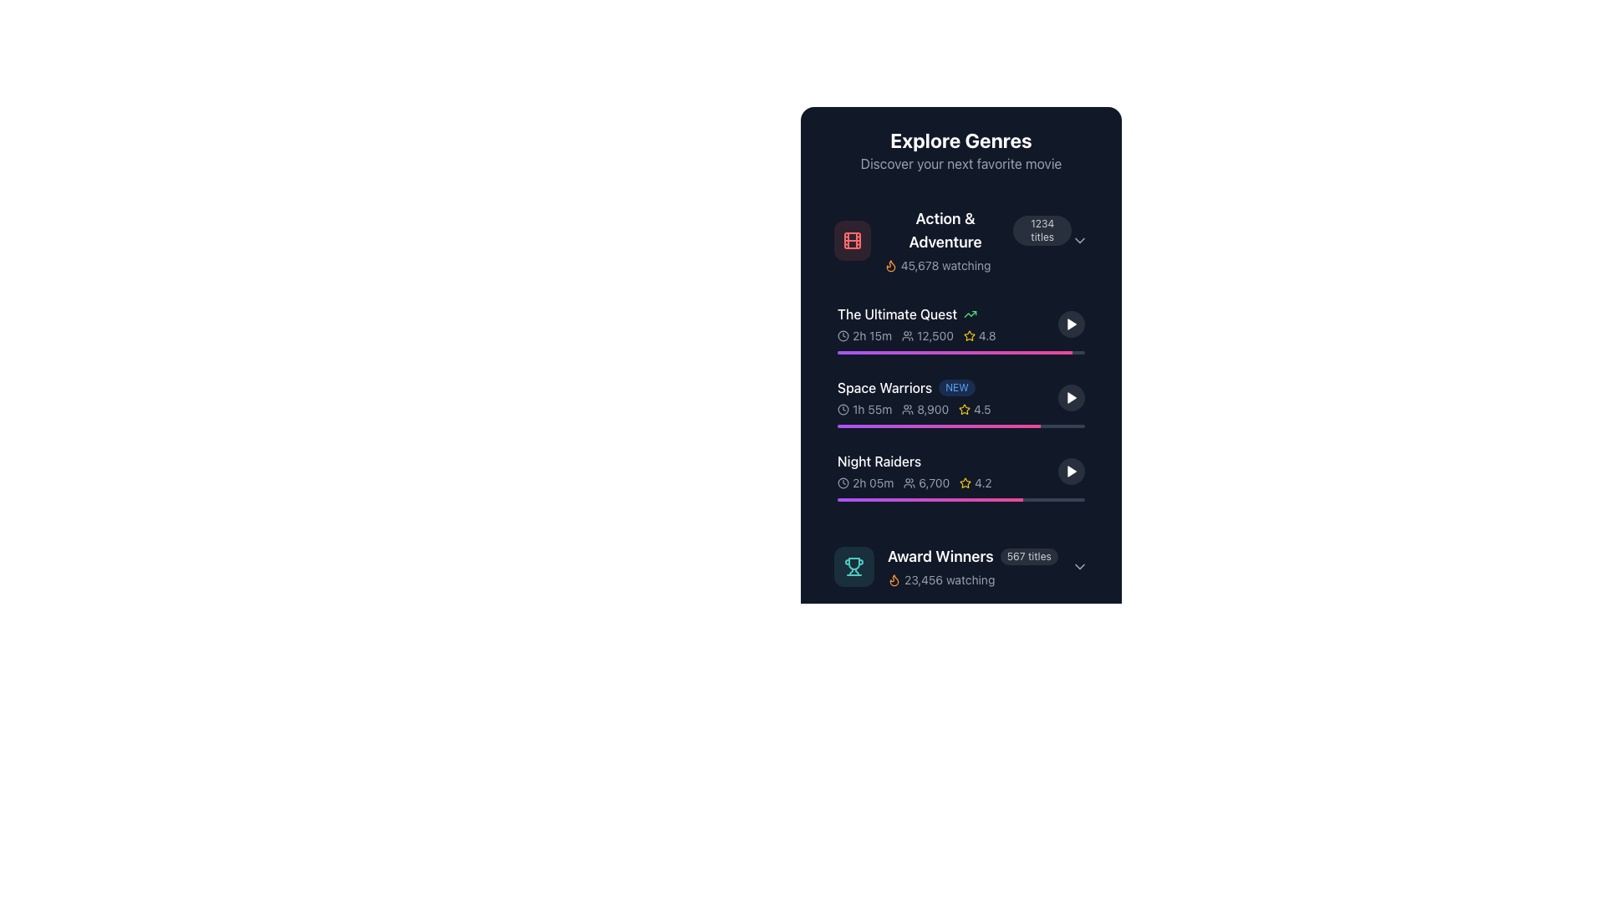 The width and height of the screenshot is (1605, 903). I want to click on the text block titled 'Award Winners' with the subtitle '567 titles' and the label '23,456 watching', so click(972, 566).